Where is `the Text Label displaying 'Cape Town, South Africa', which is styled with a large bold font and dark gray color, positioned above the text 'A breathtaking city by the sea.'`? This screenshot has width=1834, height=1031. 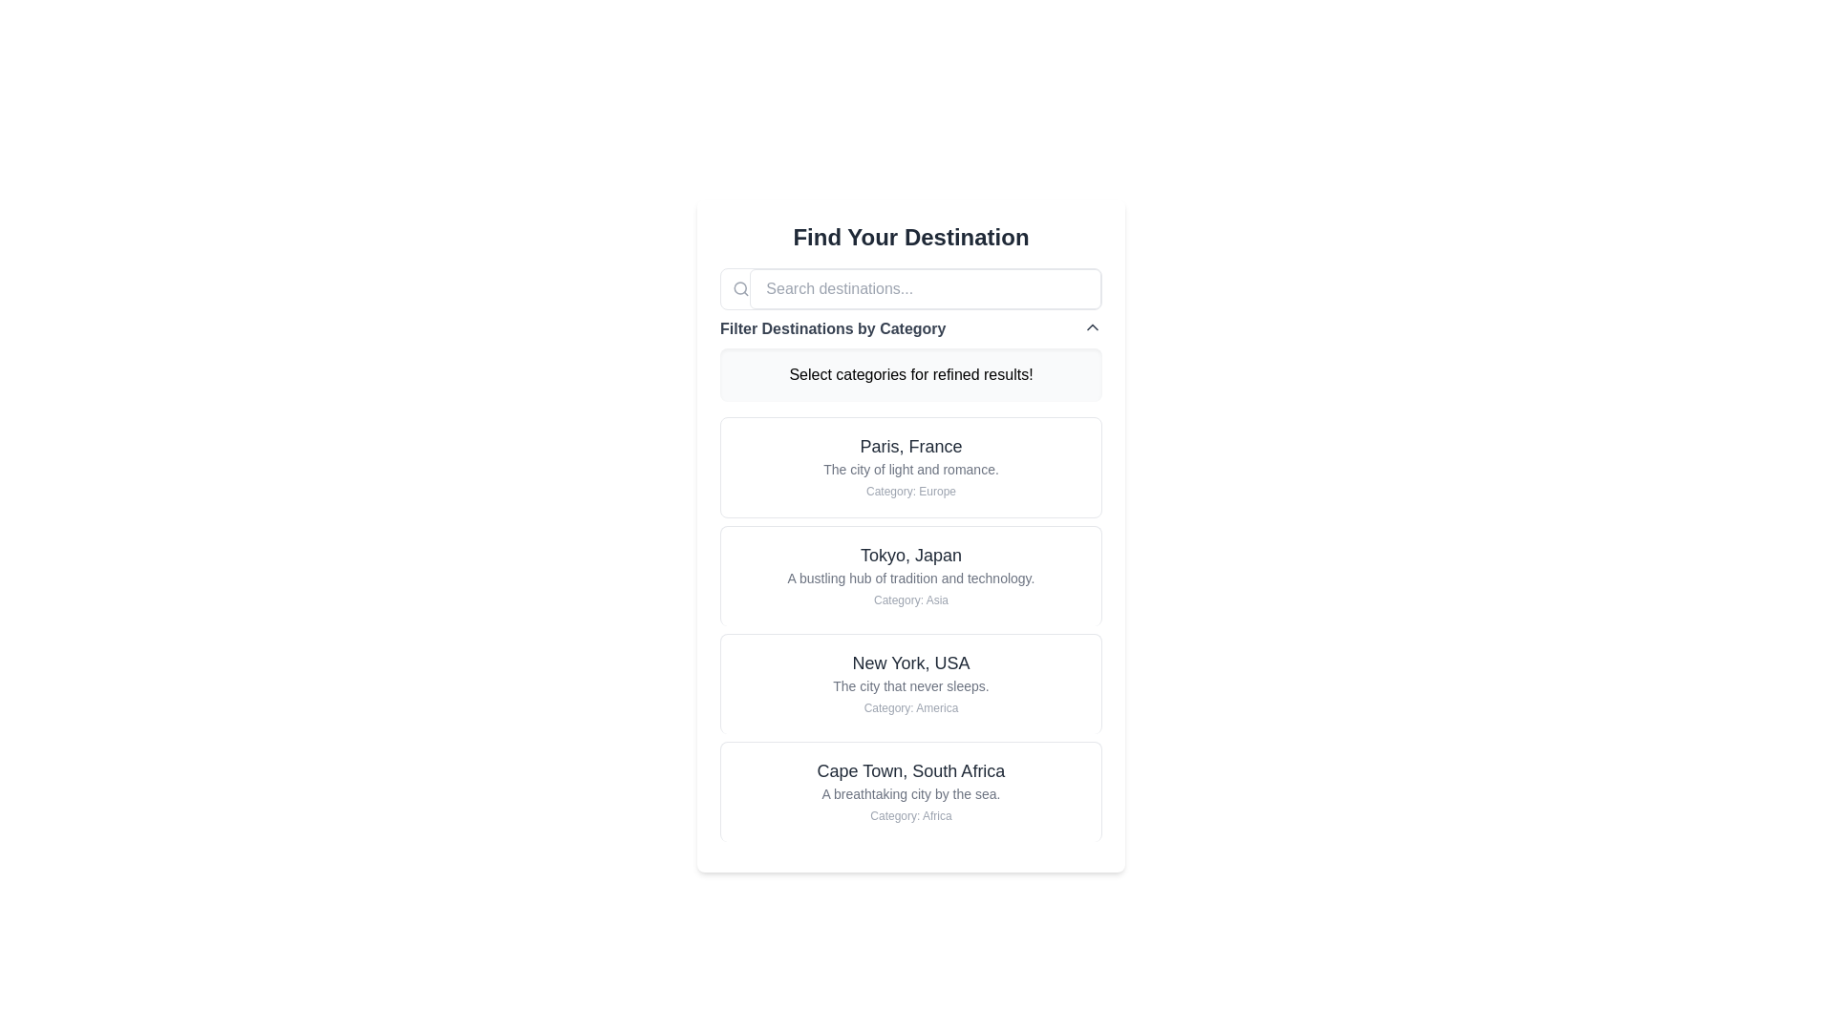 the Text Label displaying 'Cape Town, South Africa', which is styled with a large bold font and dark gray color, positioned above the text 'A breathtaking city by the sea.' is located at coordinates (910, 769).